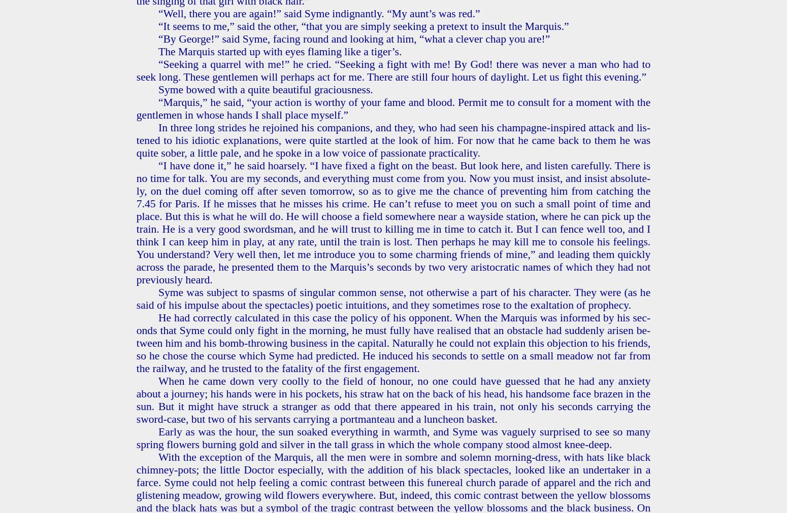  What do you see at coordinates (393, 343) in the screenshot?
I see `'He had cor­rect­ly cal­cu­lat­ed in this case the pol­i­cy of his op­po­nent. When the Mar­quis was in­formed by his sec­onds that Syme could only fight in the morn­ing, he must fully have re­alised that an ob­sta­cle had sud­den­ly arisen be­tween him and his bomb-throw­ing busi­ness in the cap­i­tal. Nat­u­ral­ly he could not ex­plain this ob­jec­tion to his friends, so he chose the course which Syme had pre­dict­ed. He in­duced his sec­onds to set­tle on a small mead­ow not far from the rail­way, and he trust­ed to the fa­tal­i­ty of the first en­gage­ment.'` at bounding box center [393, 343].